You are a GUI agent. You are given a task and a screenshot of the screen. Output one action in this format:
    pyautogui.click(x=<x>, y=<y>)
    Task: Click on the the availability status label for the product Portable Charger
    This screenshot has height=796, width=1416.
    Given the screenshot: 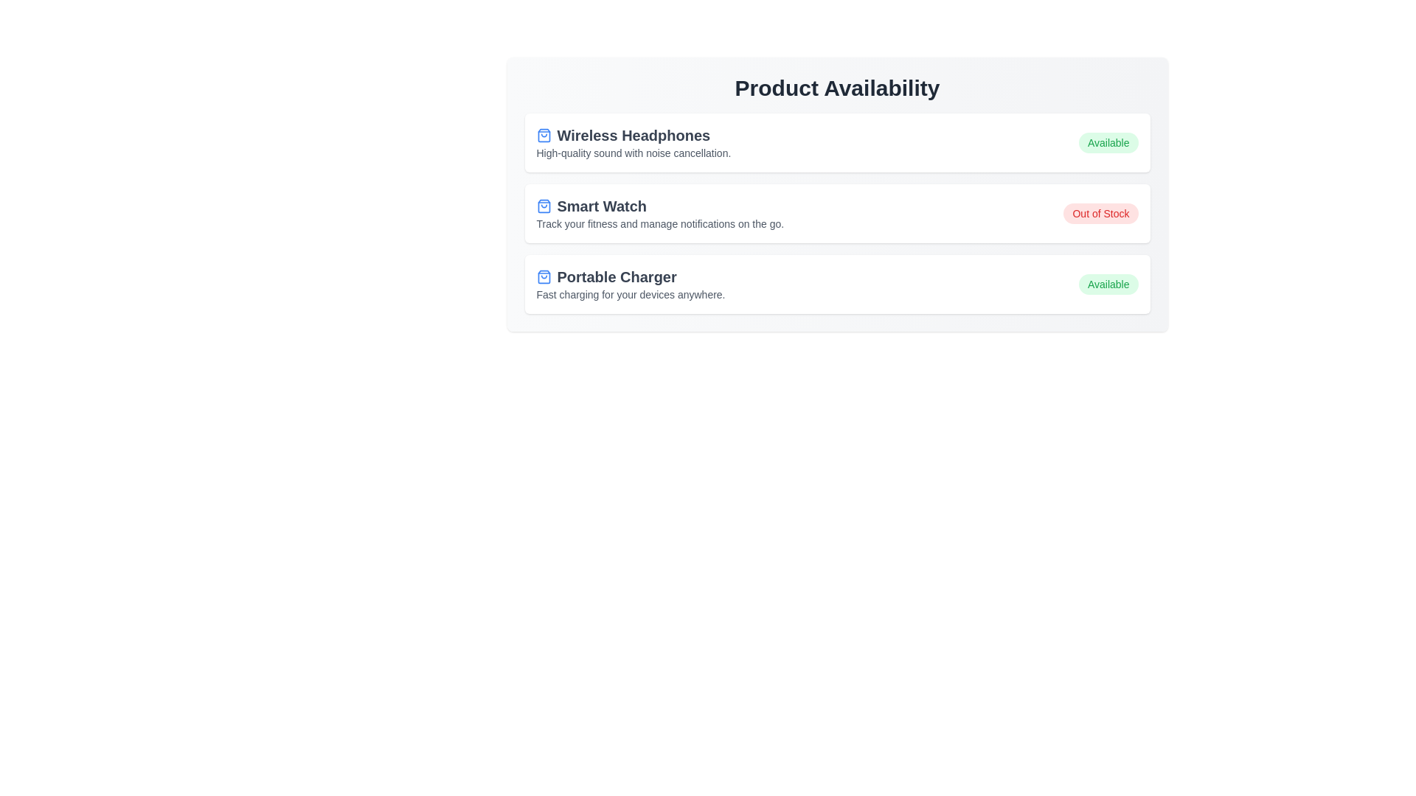 What is the action you would take?
    pyautogui.click(x=1108, y=284)
    